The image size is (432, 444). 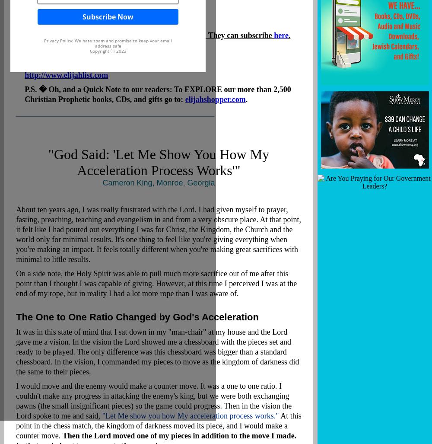 What do you see at coordinates (158, 182) in the screenshot?
I see `'Cameron King, Monroe, Georgia'` at bounding box center [158, 182].